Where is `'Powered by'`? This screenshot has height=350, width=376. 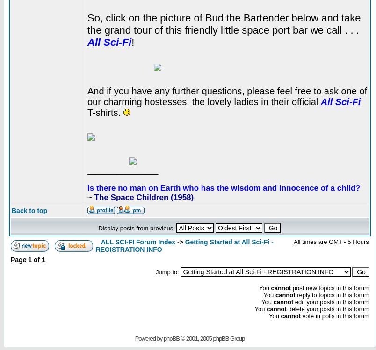 'Powered by' is located at coordinates (149, 337).